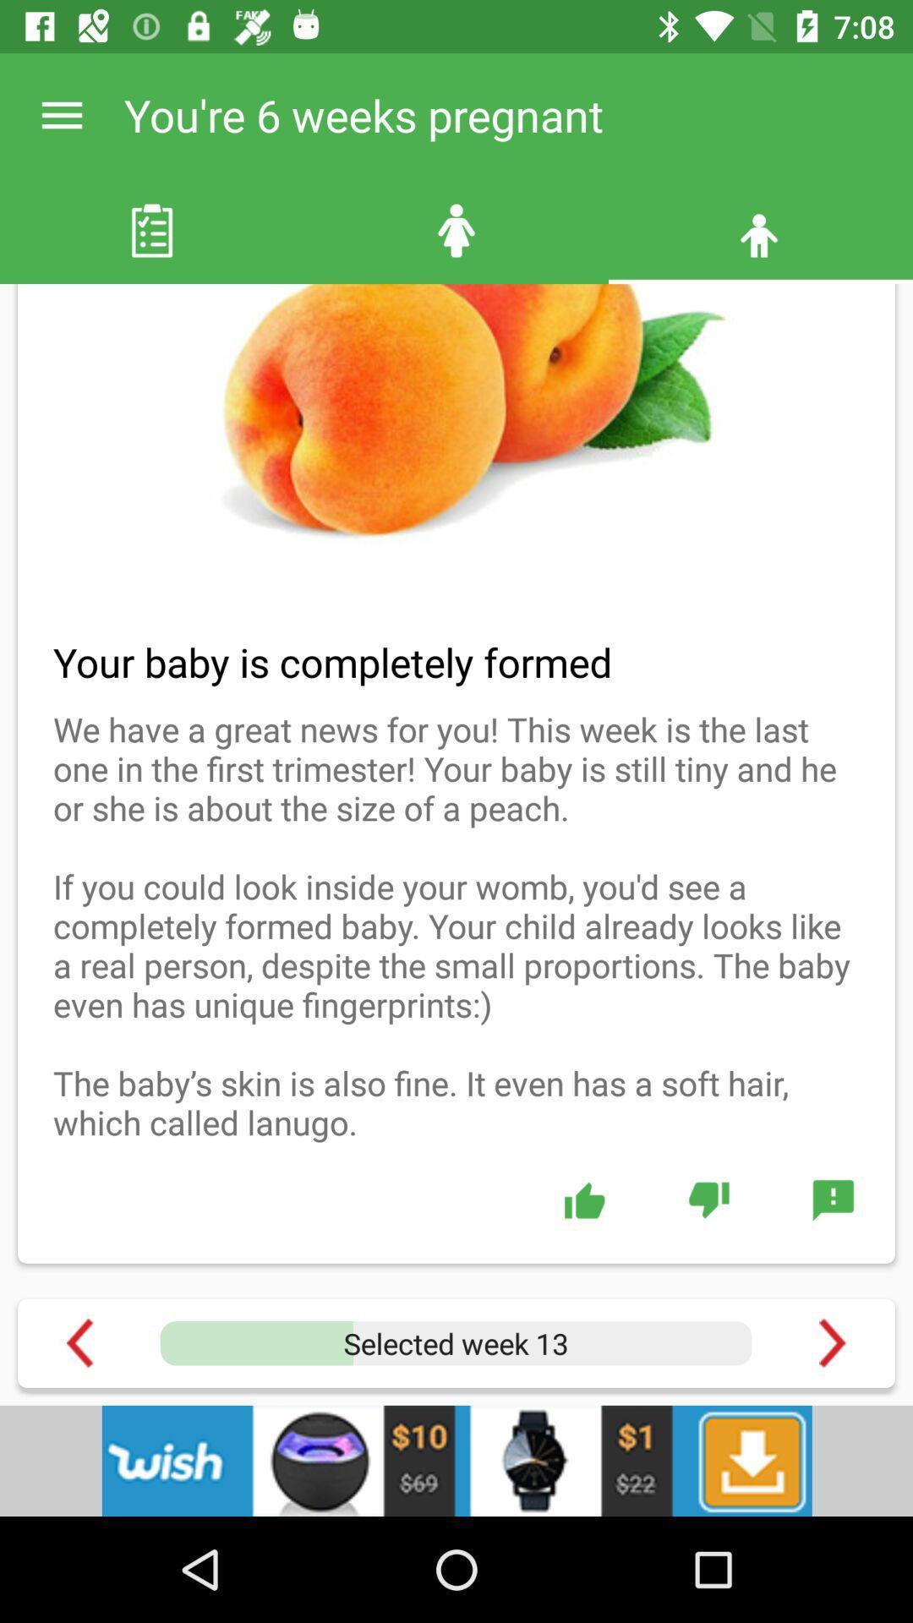 Image resolution: width=913 pixels, height=1623 pixels. I want to click on dislike page, so click(708, 1199).